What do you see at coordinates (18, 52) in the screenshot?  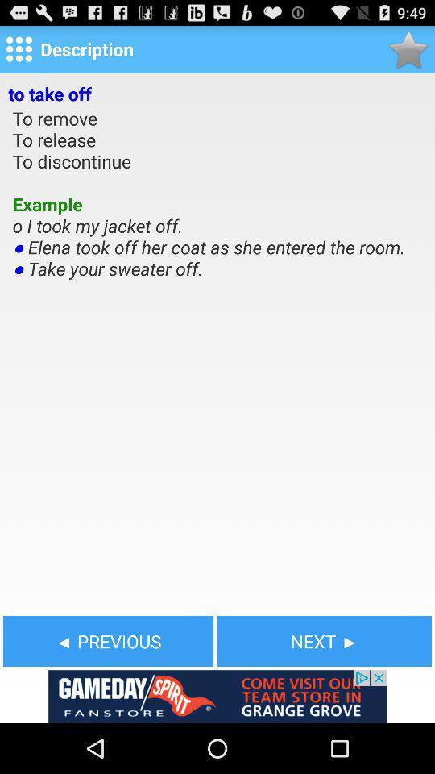 I see `the dialpad icon` at bounding box center [18, 52].